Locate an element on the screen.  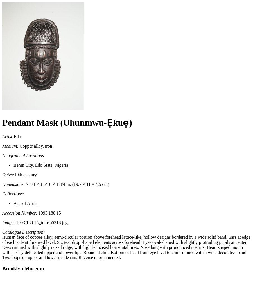
'7 3/4 × 4 5/16 × 1 3/4 in. (19.7 × 11 × 4.5 cm)' is located at coordinates (66, 184).